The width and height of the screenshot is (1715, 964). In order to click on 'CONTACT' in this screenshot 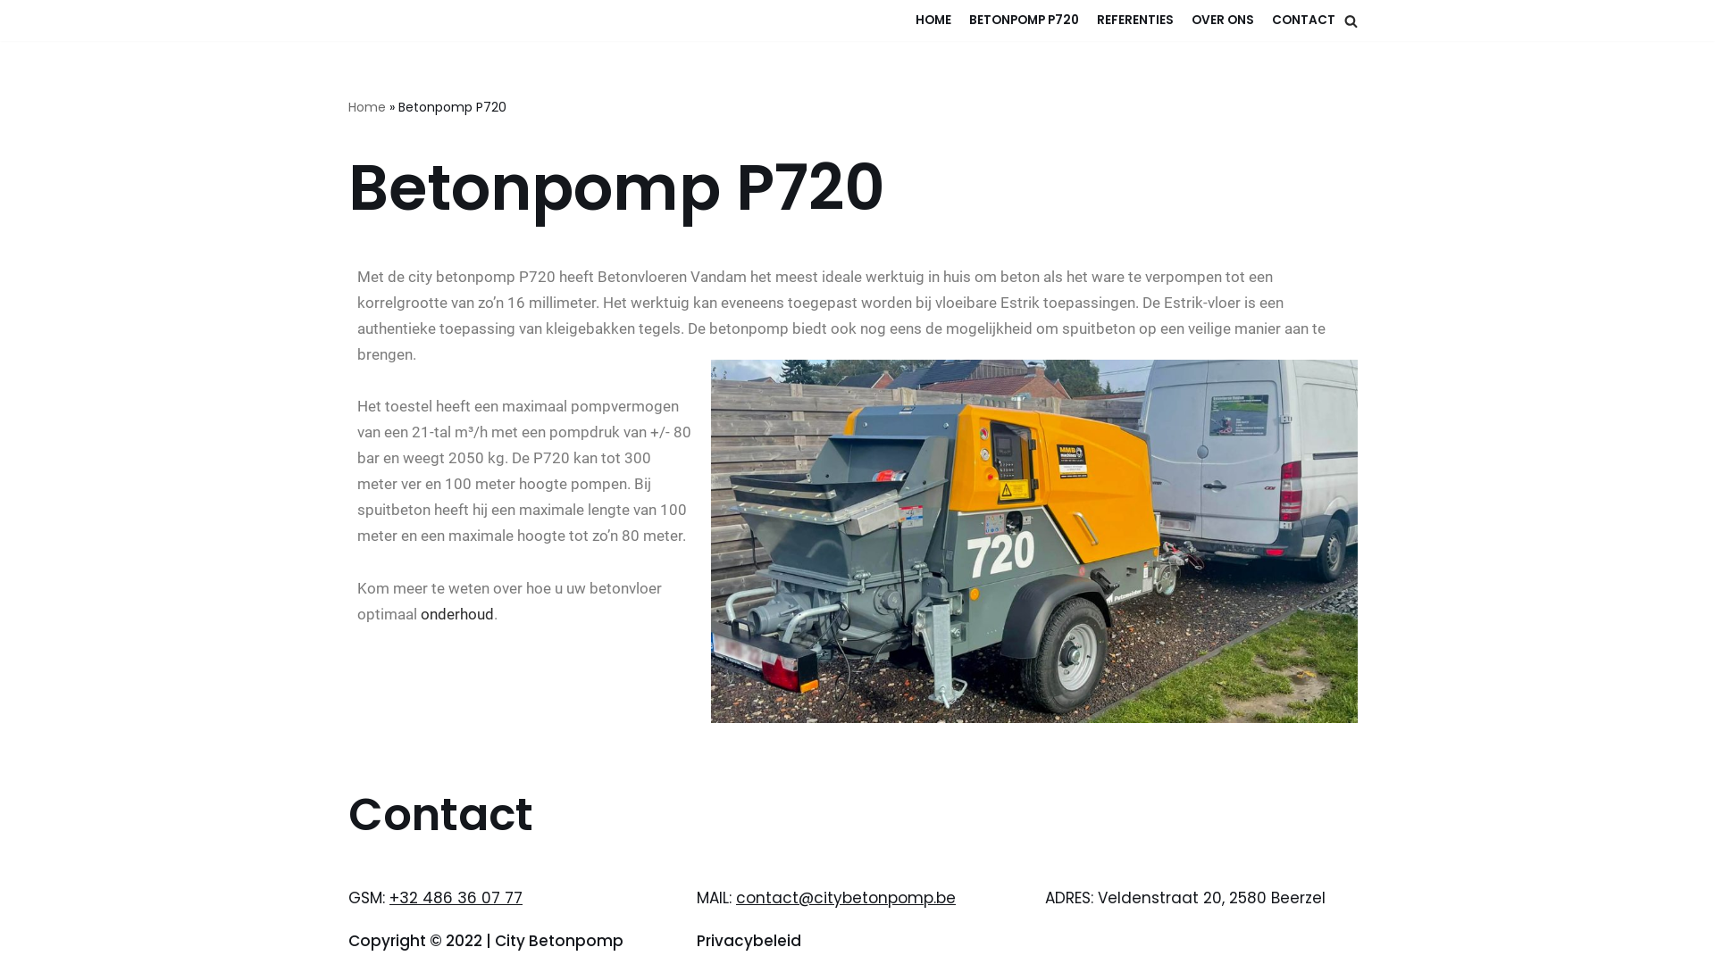, I will do `click(1303, 21)`.